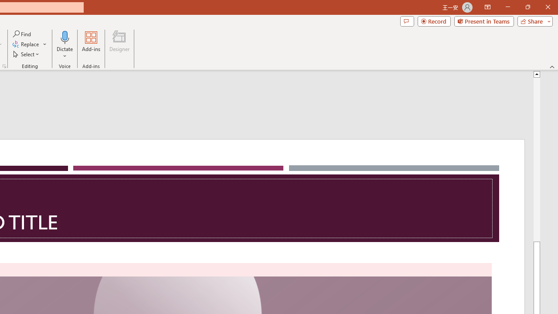 The width and height of the screenshot is (558, 314). What do you see at coordinates (406, 20) in the screenshot?
I see `'Comments'` at bounding box center [406, 20].